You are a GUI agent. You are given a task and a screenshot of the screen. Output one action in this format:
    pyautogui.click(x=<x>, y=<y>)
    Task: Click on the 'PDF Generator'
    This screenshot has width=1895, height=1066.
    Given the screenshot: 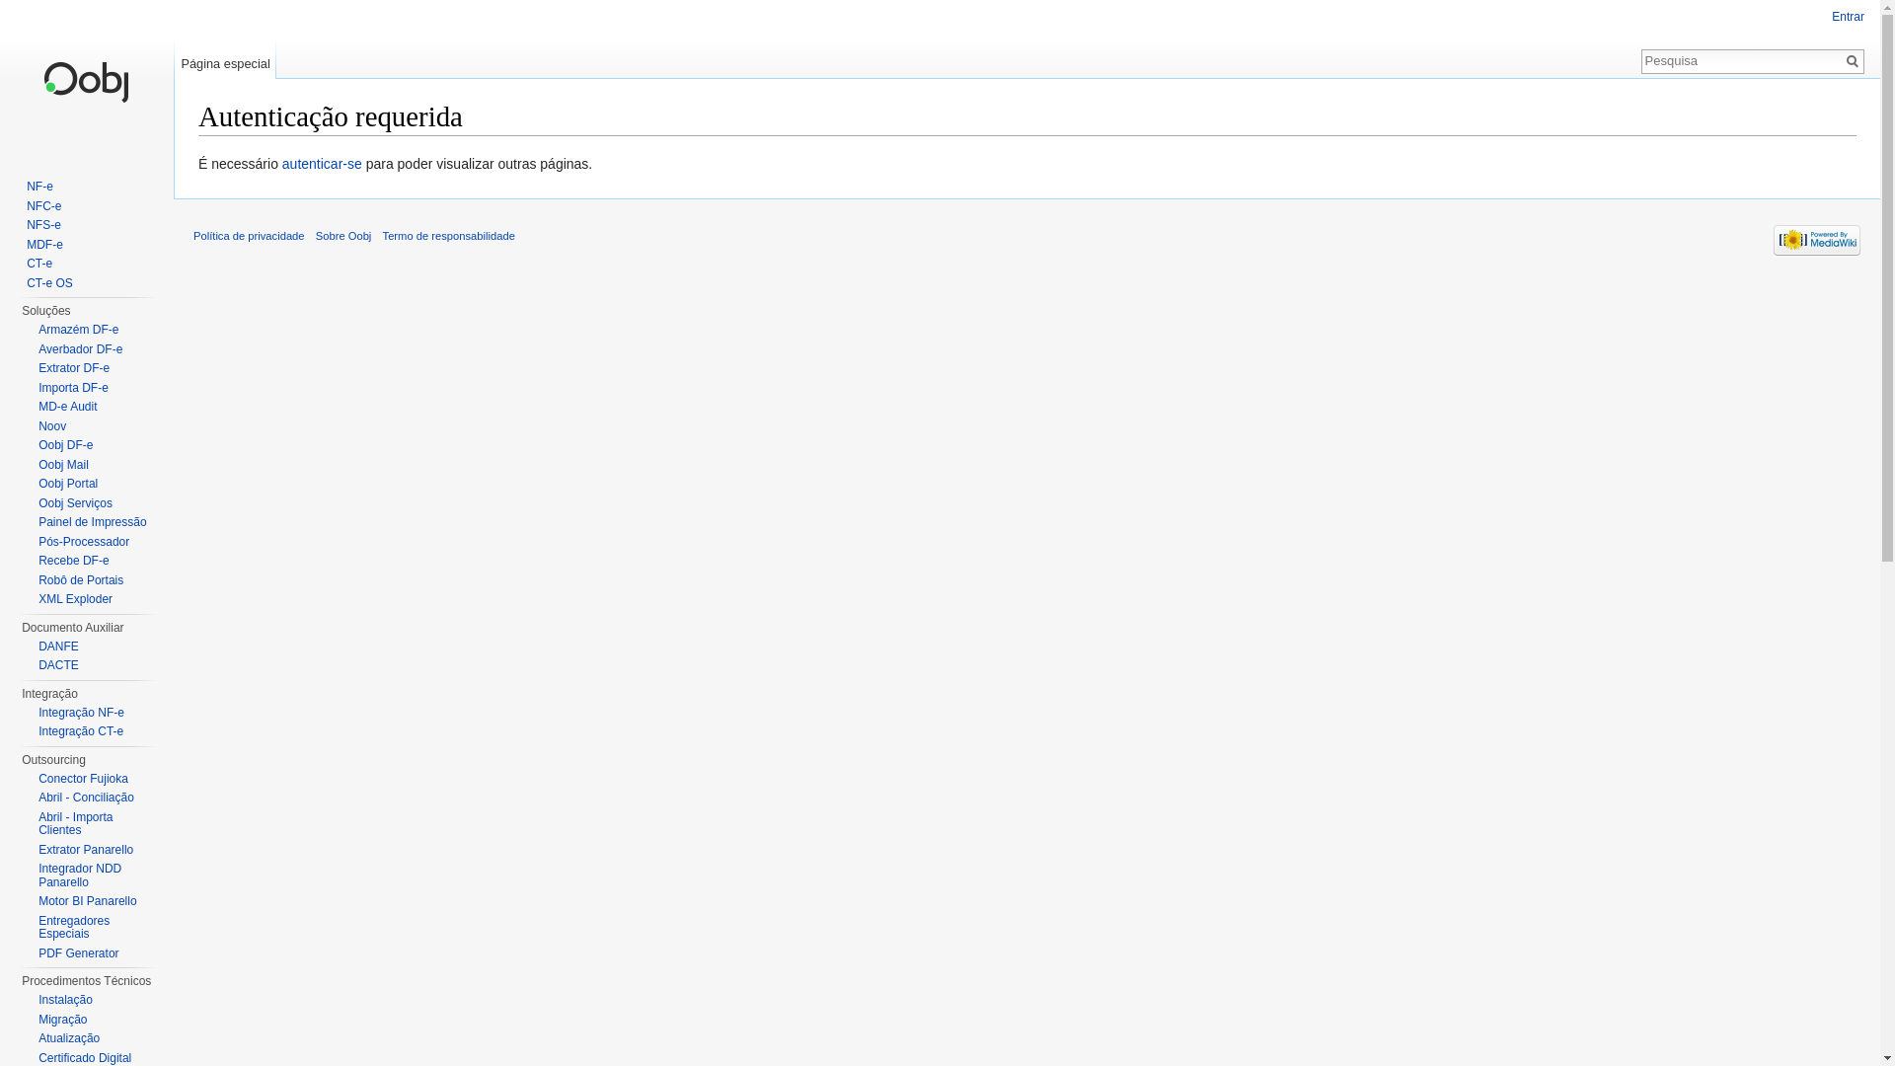 What is the action you would take?
    pyautogui.click(x=78, y=951)
    